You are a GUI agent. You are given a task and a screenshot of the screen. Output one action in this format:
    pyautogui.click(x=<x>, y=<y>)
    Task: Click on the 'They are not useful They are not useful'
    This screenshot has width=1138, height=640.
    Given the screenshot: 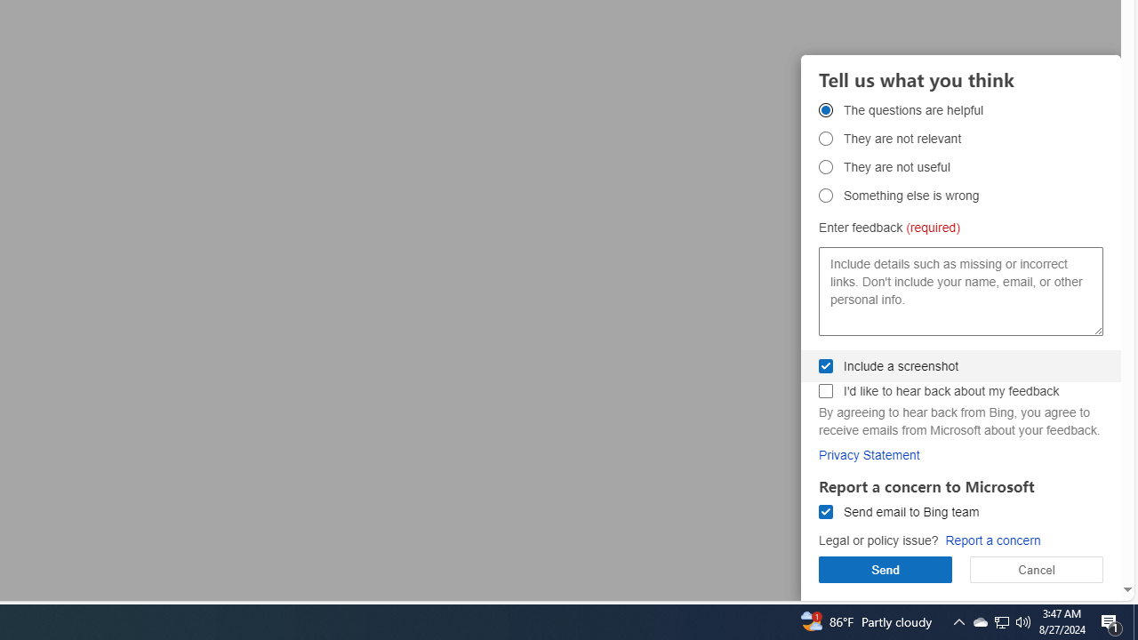 What is the action you would take?
    pyautogui.click(x=825, y=166)
    